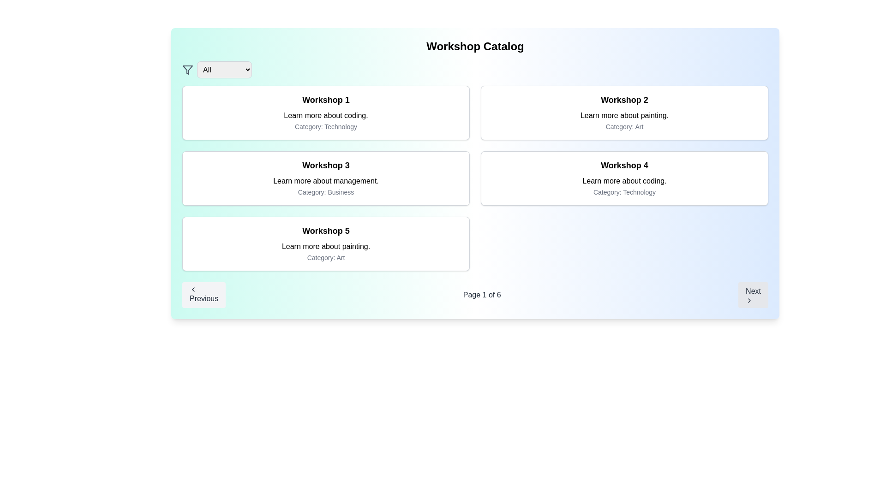 This screenshot has width=886, height=498. I want to click on the static text label indicating the category of the workshop, which is 'Art', located at the bottom of the card for 'Workshop 5', so click(326, 258).